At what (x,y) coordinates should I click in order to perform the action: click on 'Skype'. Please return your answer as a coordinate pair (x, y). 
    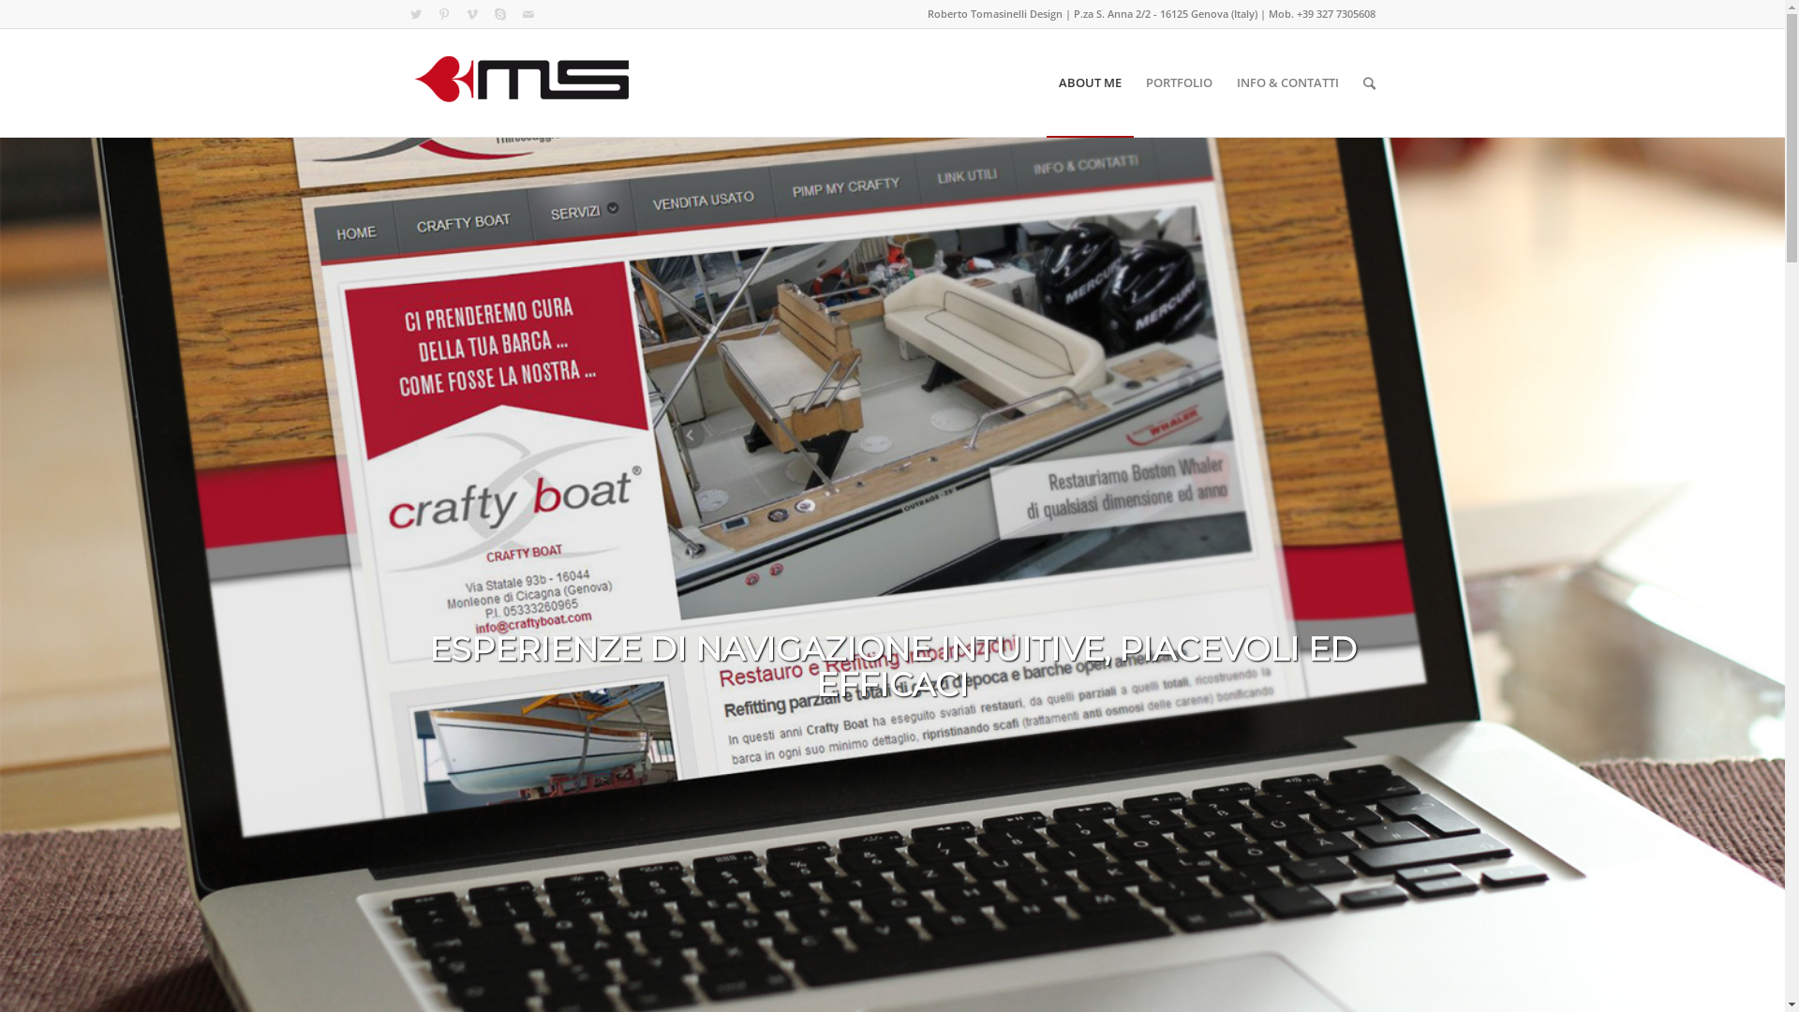
    Looking at the image, I should click on (498, 14).